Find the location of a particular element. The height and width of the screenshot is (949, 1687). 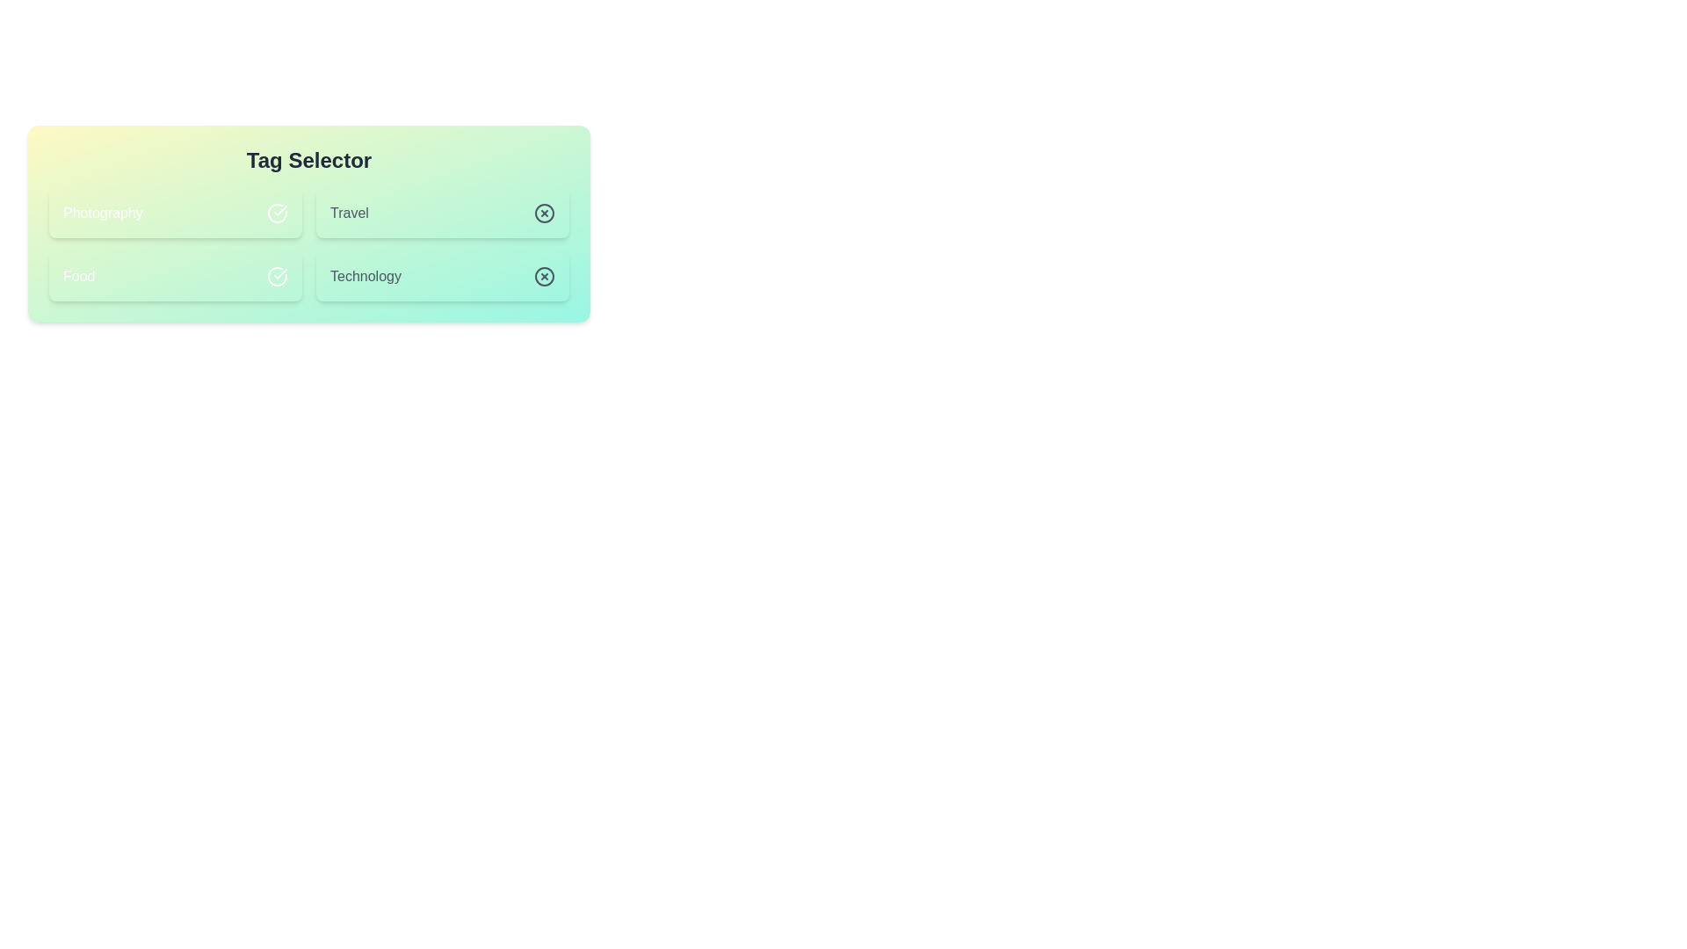

the tag Food to trigger its hover effect is located at coordinates (176, 277).